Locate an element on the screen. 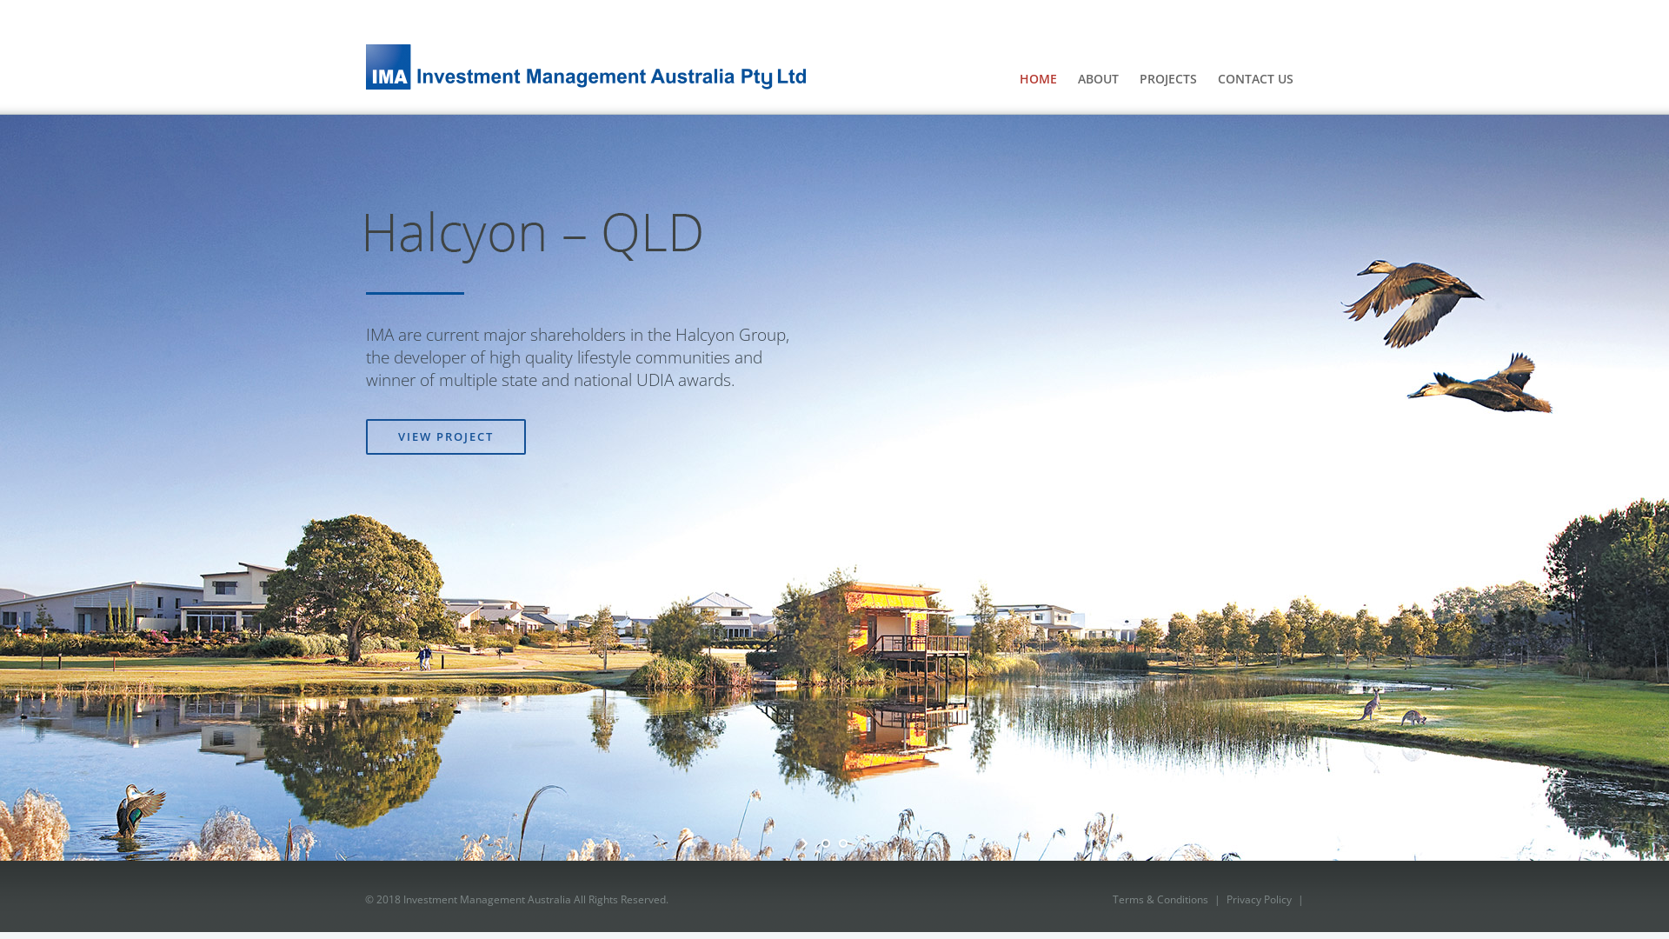 This screenshot has width=1669, height=939. 'PROJECTS' is located at coordinates (1168, 79).